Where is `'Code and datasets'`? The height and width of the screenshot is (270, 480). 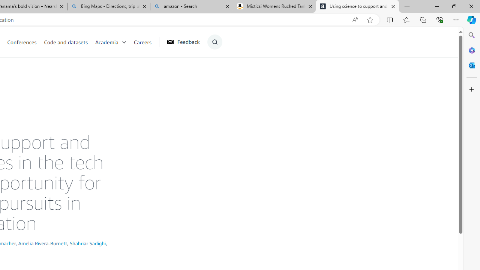
'Code and datasets' is located at coordinates (66, 42).